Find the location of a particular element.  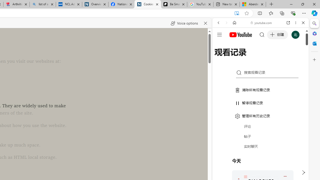

'This site scope' is located at coordinates (234, 45).